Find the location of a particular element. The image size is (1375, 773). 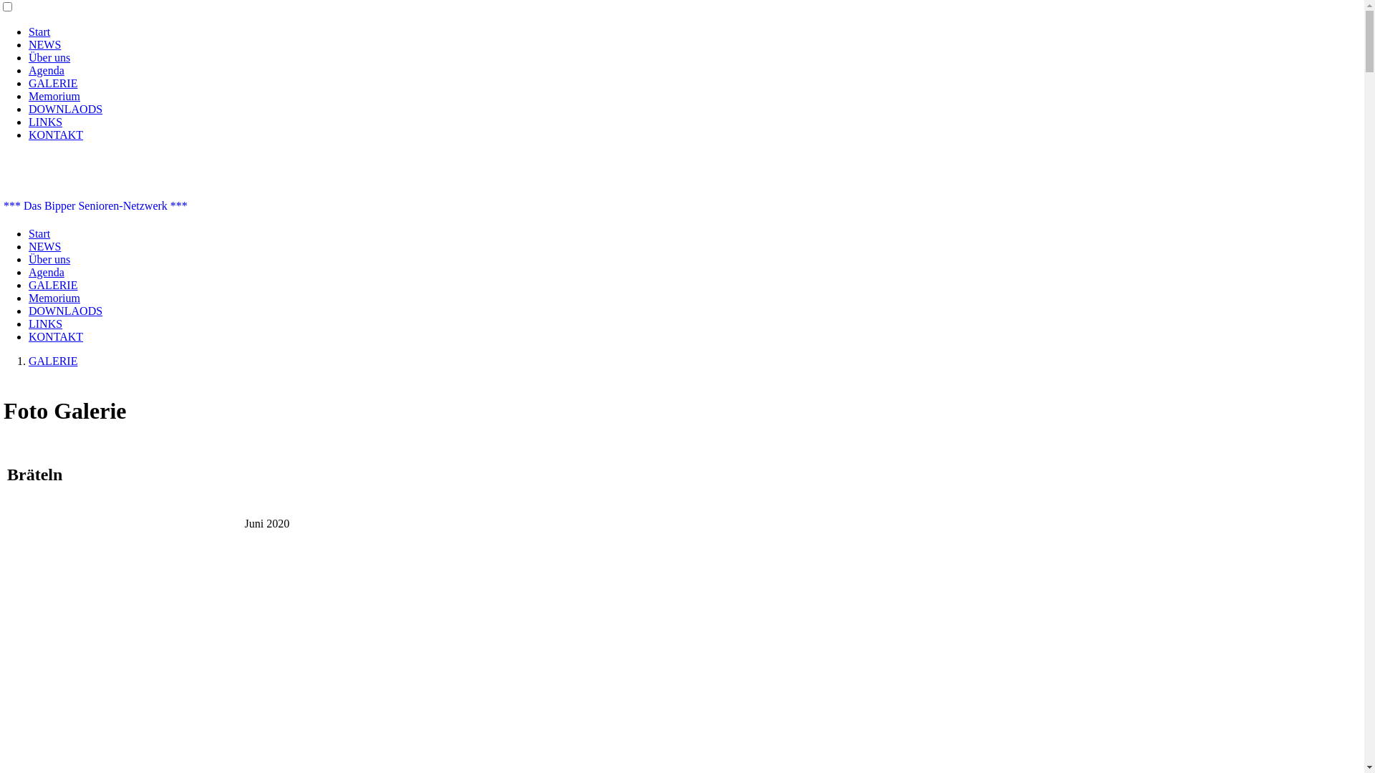

'Memorium' is located at coordinates (54, 297).